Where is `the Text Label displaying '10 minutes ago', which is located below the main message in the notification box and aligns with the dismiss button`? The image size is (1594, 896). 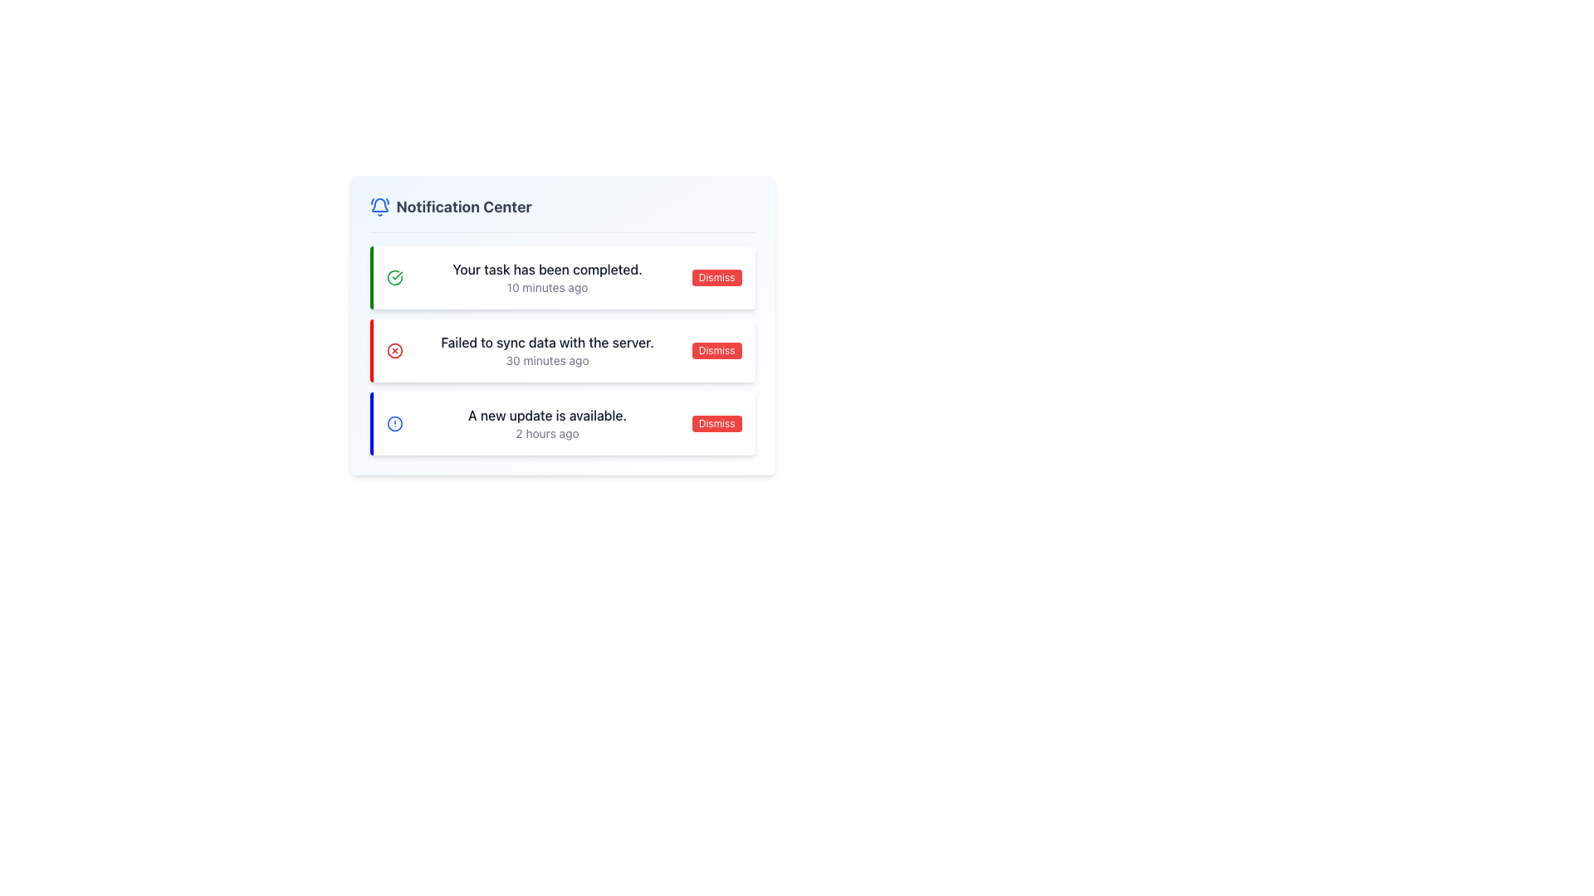 the Text Label displaying '10 minutes ago', which is located below the main message in the notification box and aligns with the dismiss button is located at coordinates (547, 287).